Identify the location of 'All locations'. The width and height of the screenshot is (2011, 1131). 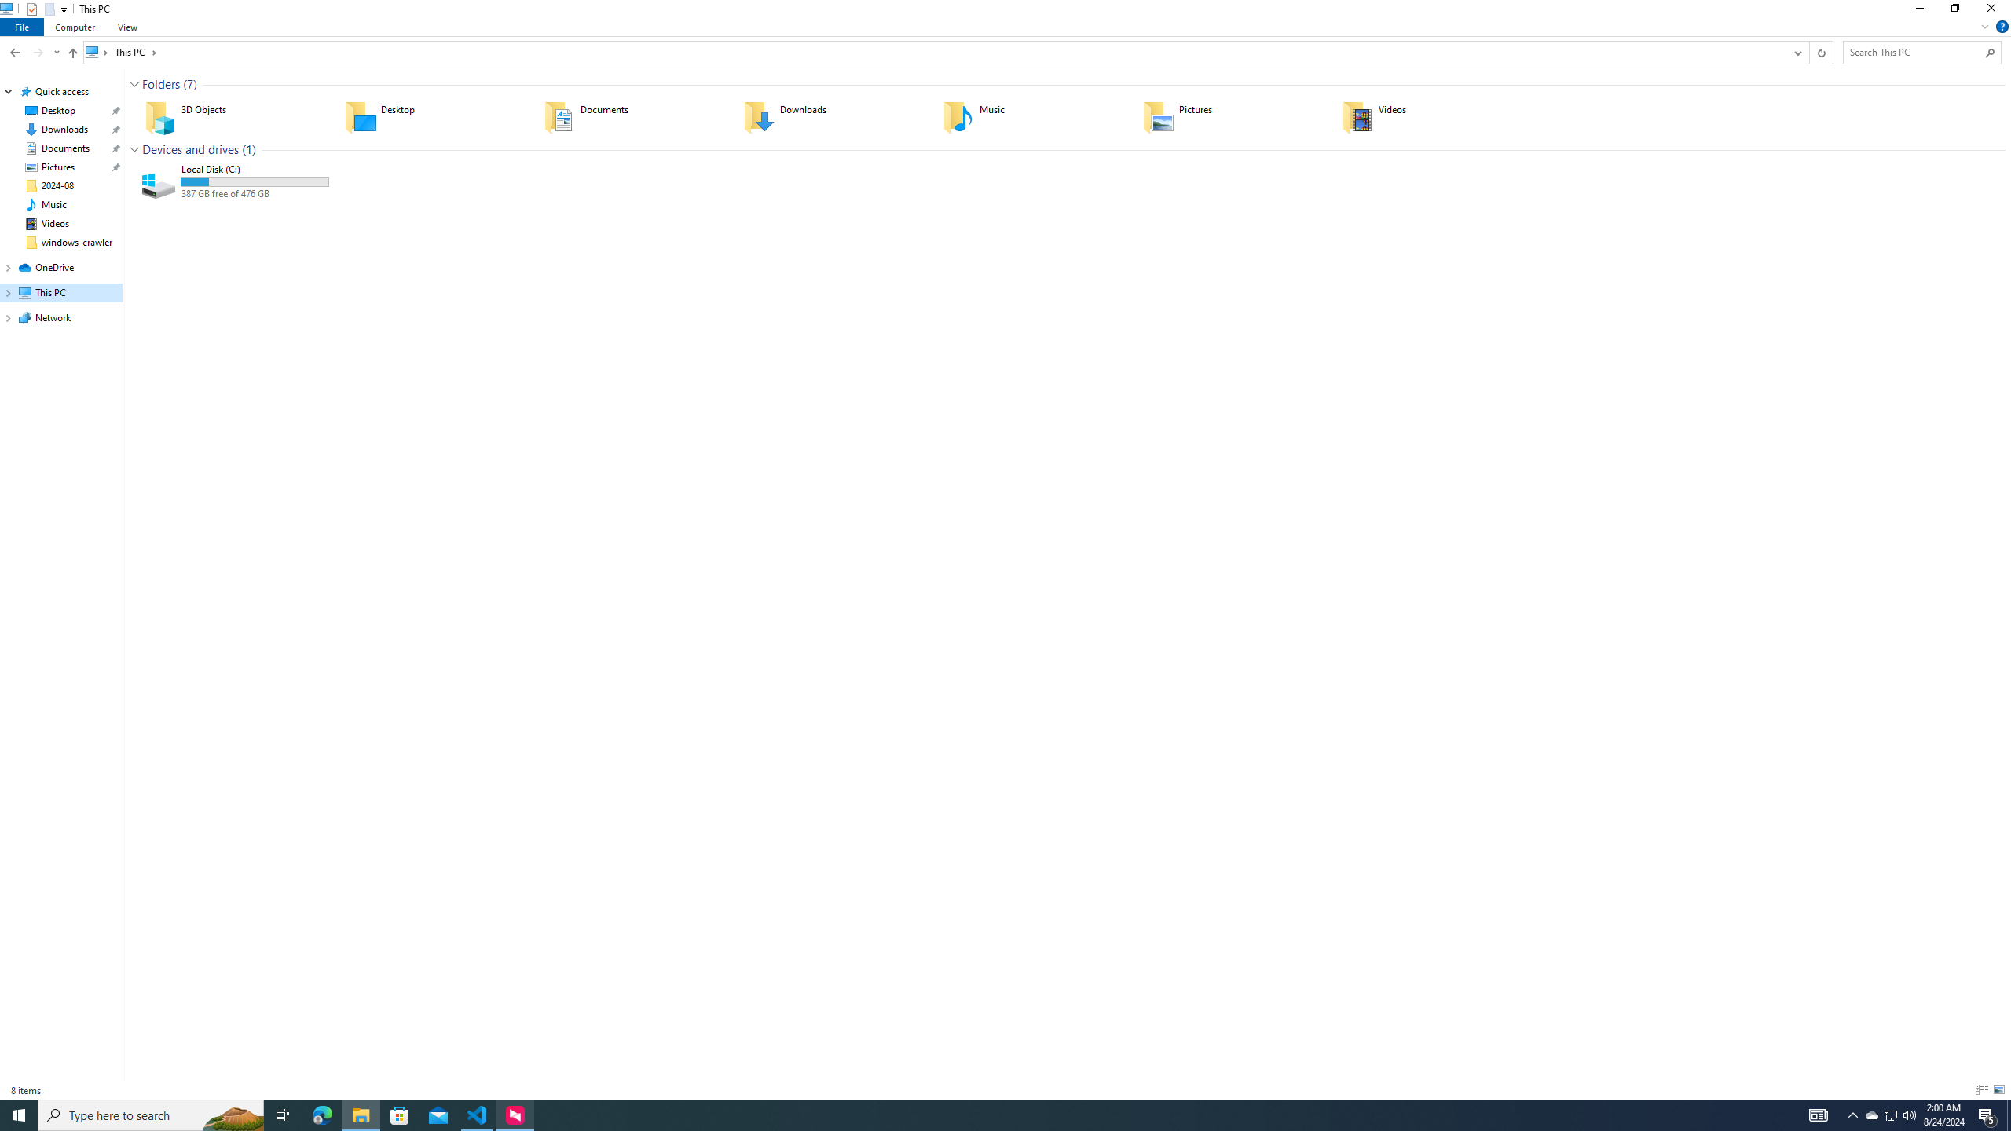
(97, 51).